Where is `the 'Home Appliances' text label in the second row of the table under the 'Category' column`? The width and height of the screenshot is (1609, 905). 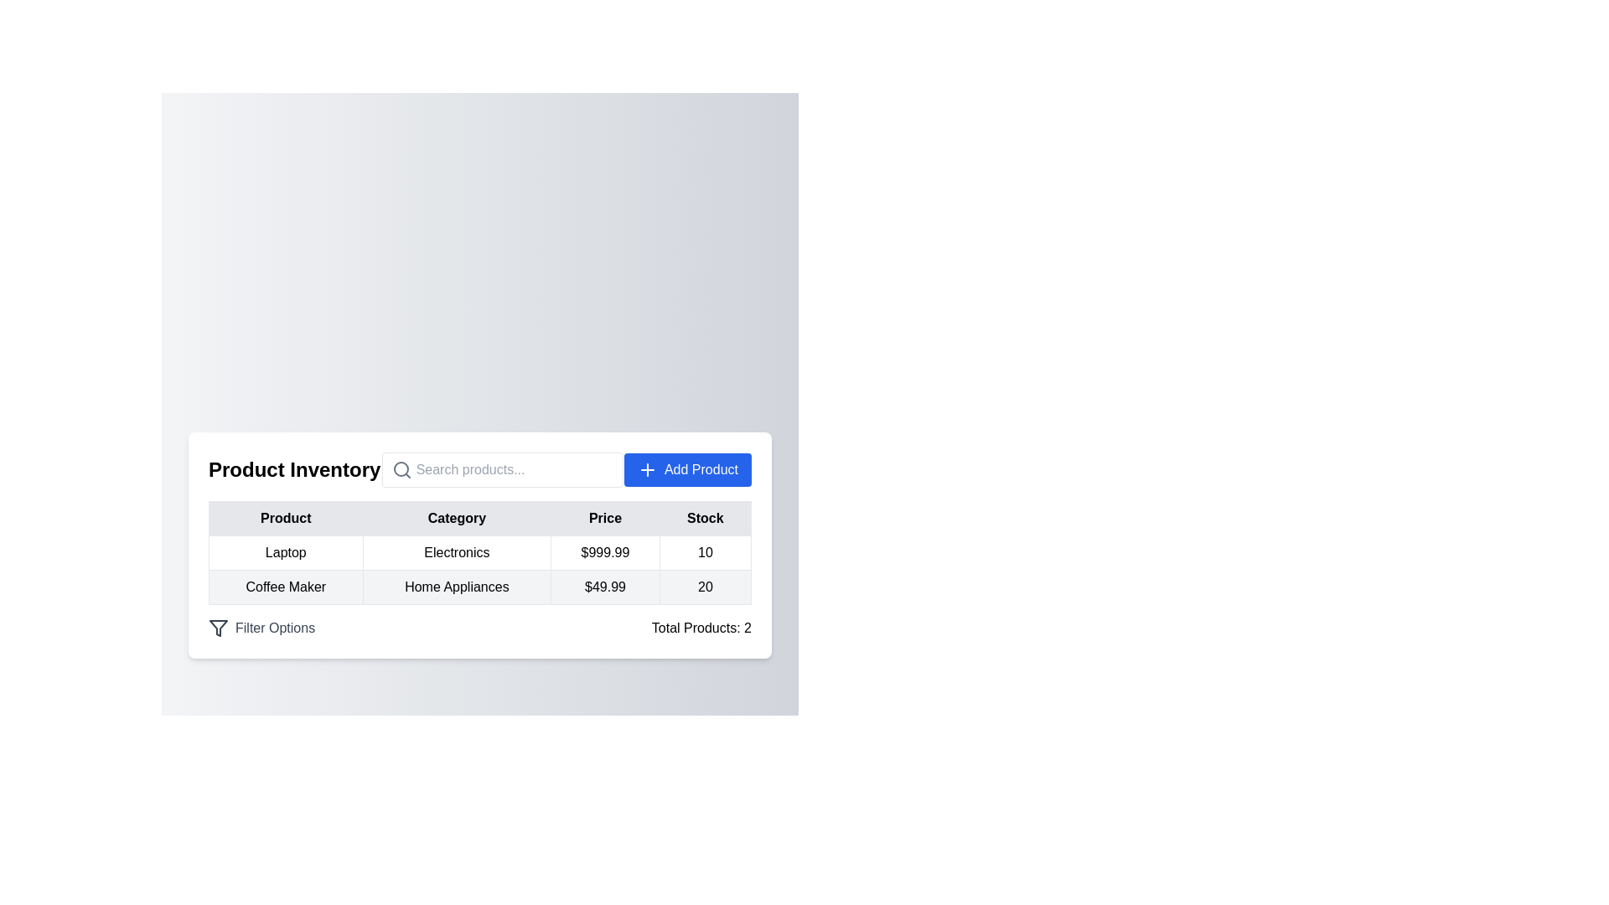 the 'Home Appliances' text label in the second row of the table under the 'Category' column is located at coordinates (457, 587).